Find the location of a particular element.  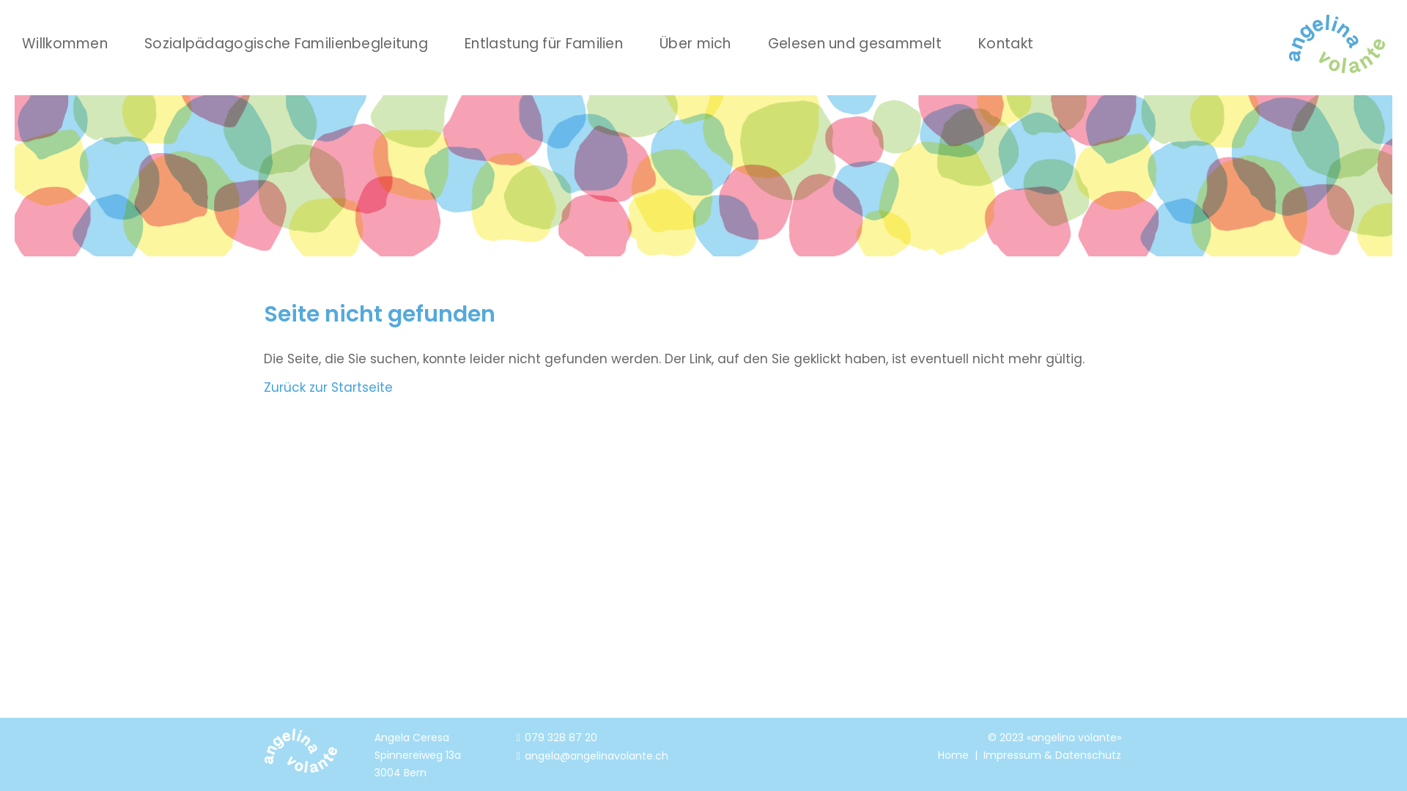

'Home' is located at coordinates (938, 754).